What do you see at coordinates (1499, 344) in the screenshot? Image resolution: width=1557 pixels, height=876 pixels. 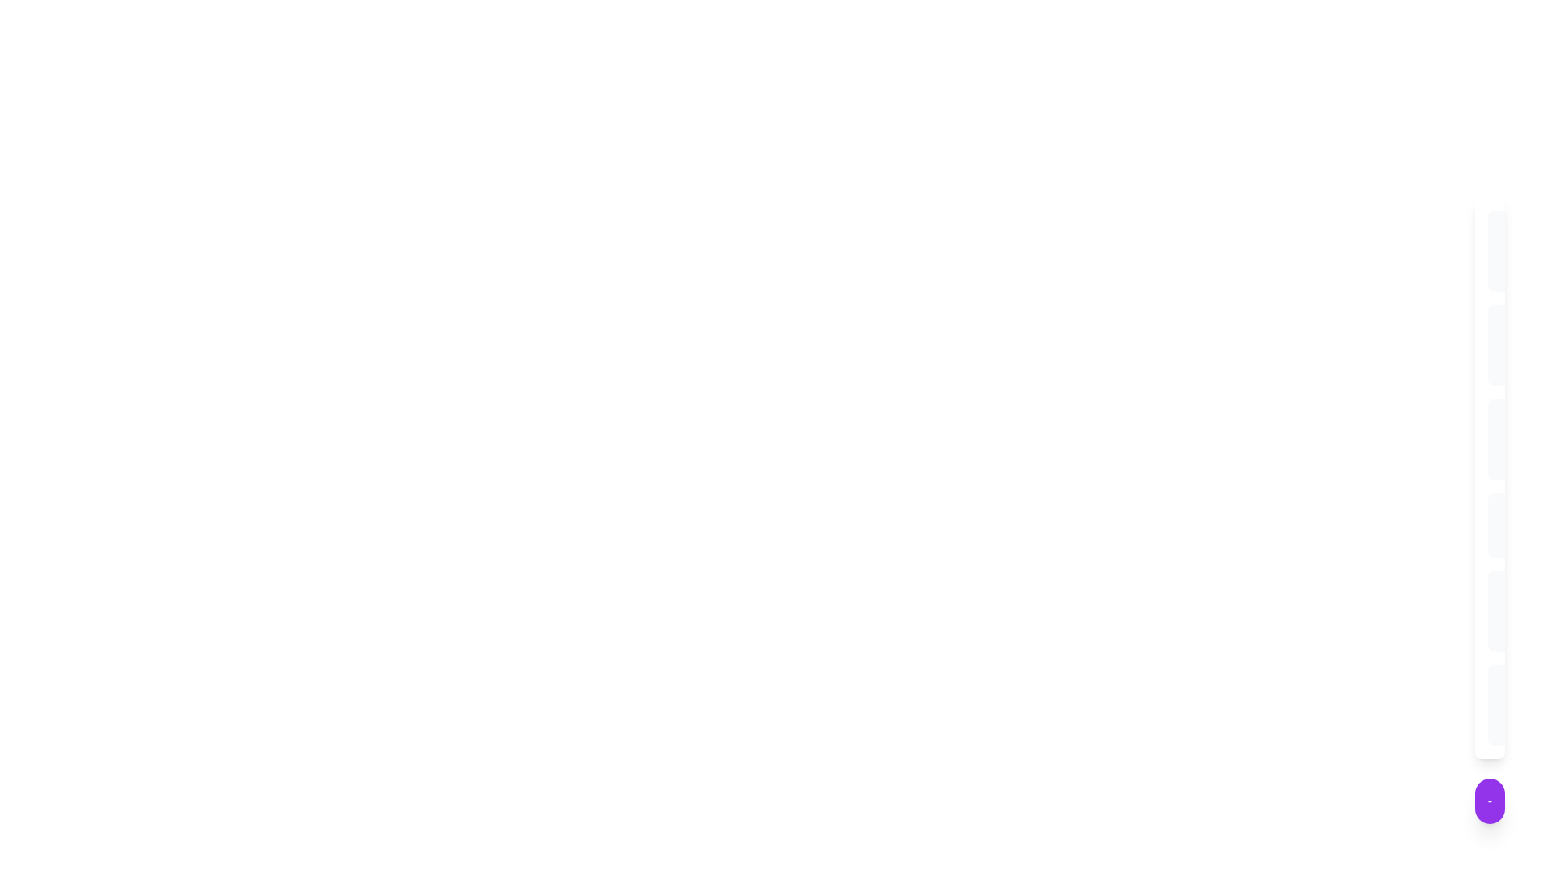 I see `the menu item labeled Settings to observe visual feedback` at bounding box center [1499, 344].